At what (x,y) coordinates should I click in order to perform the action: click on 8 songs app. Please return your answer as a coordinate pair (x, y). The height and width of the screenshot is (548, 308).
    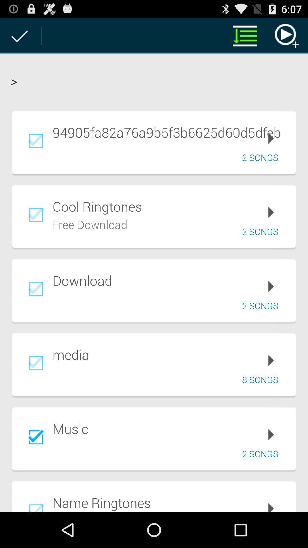
    Looking at the image, I should click on (262, 380).